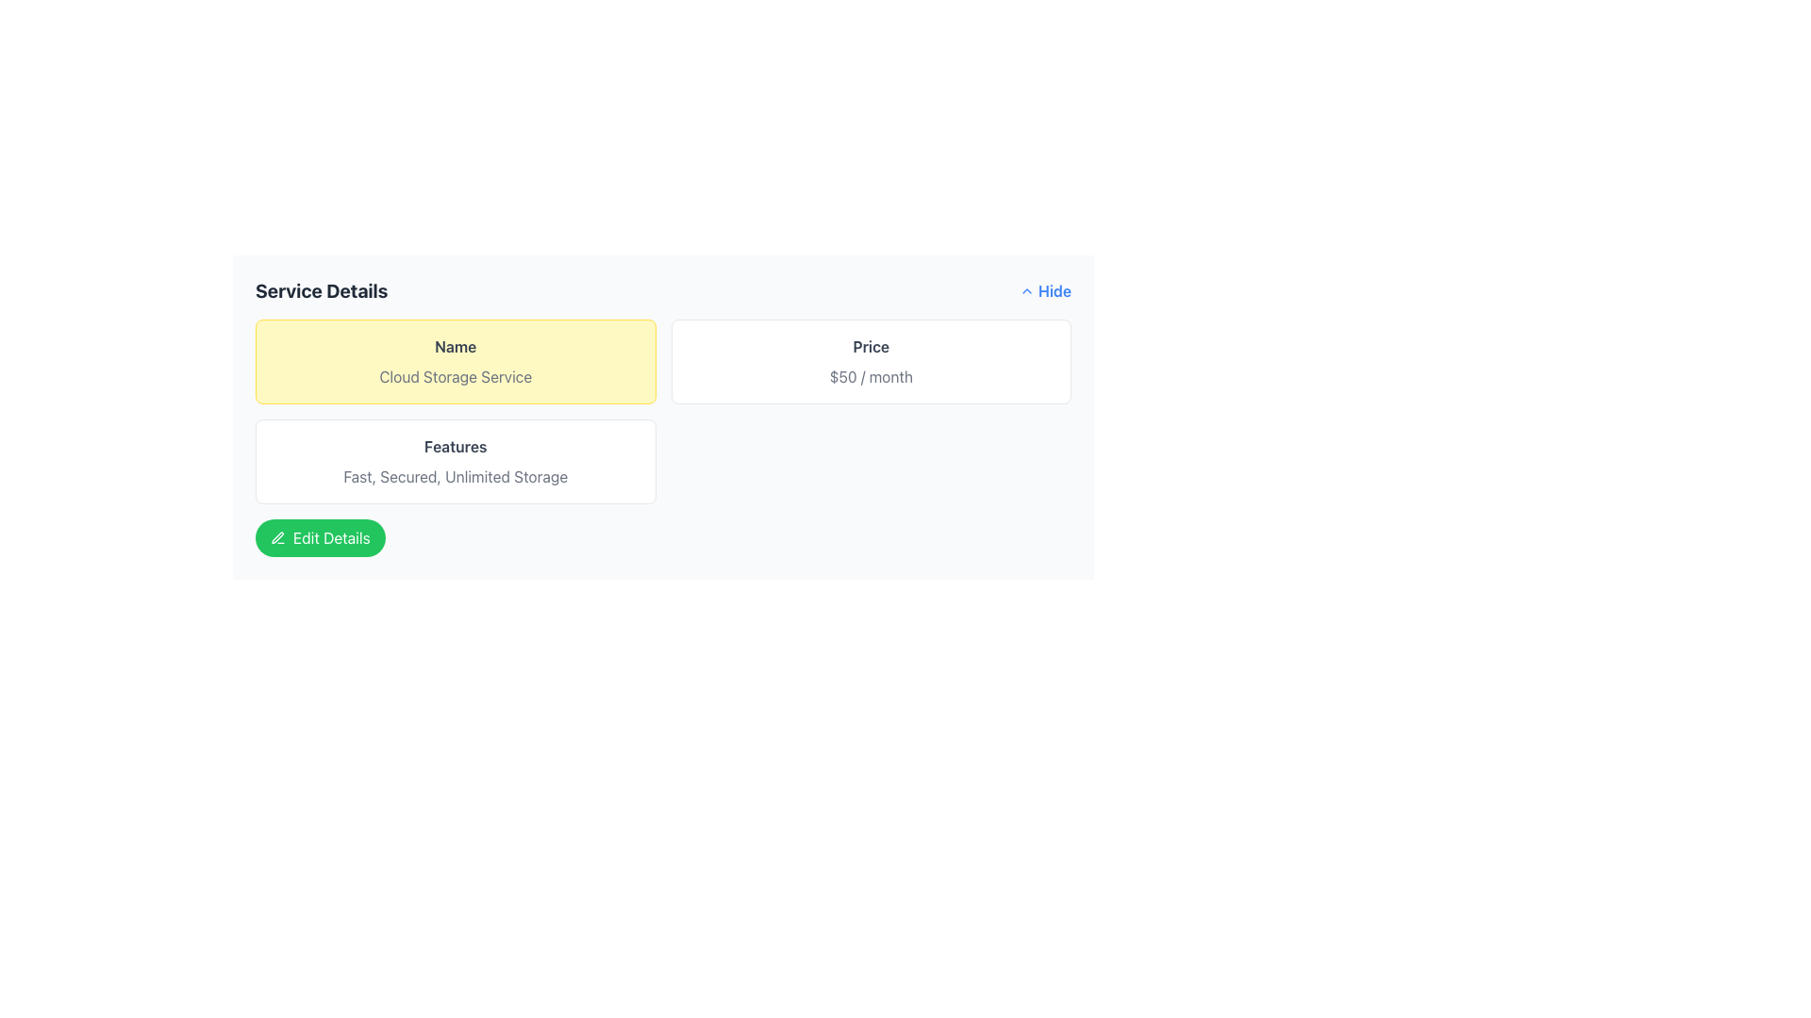 Image resolution: width=1811 pixels, height=1018 pixels. Describe the element at coordinates (331, 537) in the screenshot. I see `the 'Edit Details' button located at the bottom-left corner of the service details panel, which is represented by a green button with a pen icon, to initiate editing` at that location.